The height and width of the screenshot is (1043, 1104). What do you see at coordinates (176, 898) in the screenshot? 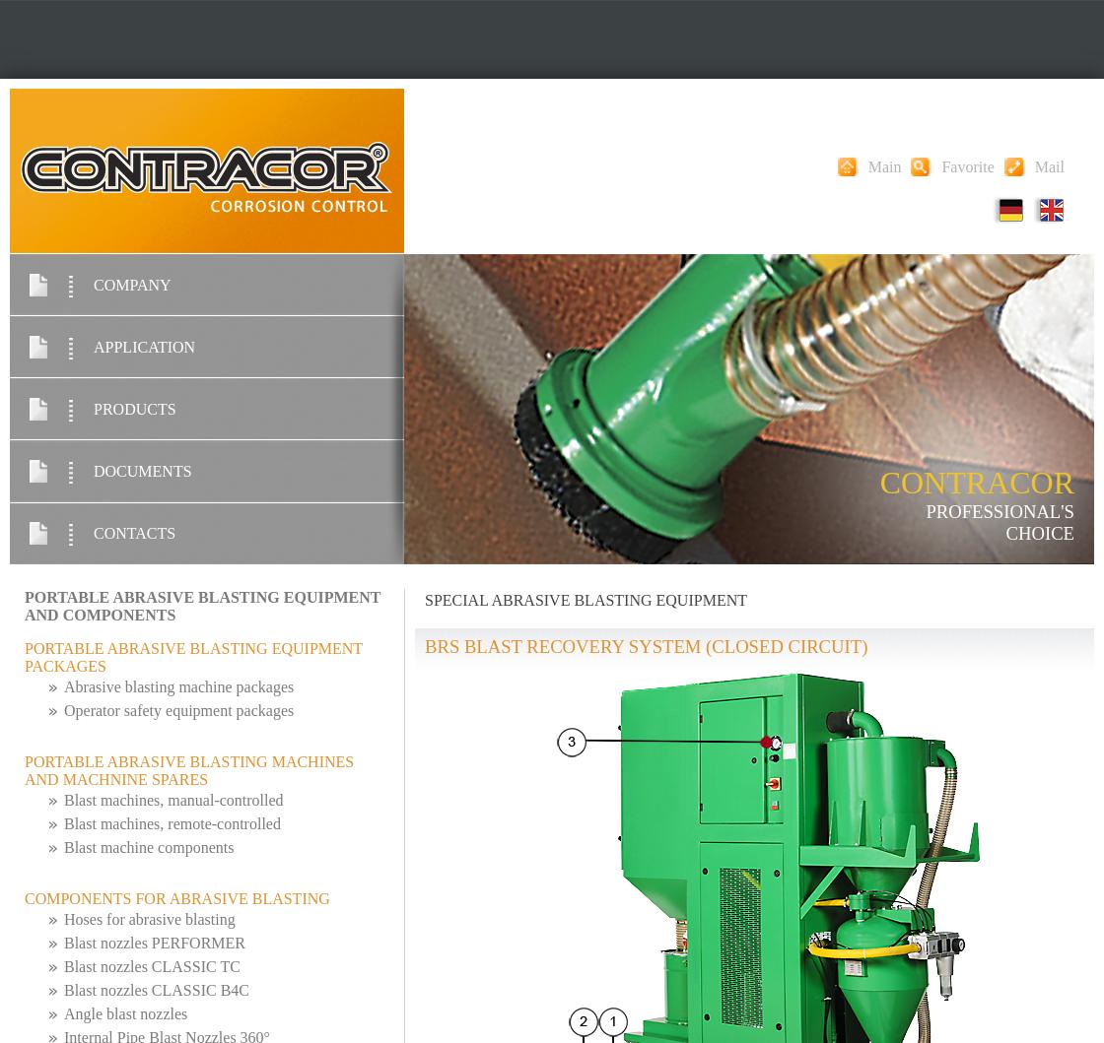
I see `'COMPONENTS FOR ABRASIVE BLASTING'` at bounding box center [176, 898].